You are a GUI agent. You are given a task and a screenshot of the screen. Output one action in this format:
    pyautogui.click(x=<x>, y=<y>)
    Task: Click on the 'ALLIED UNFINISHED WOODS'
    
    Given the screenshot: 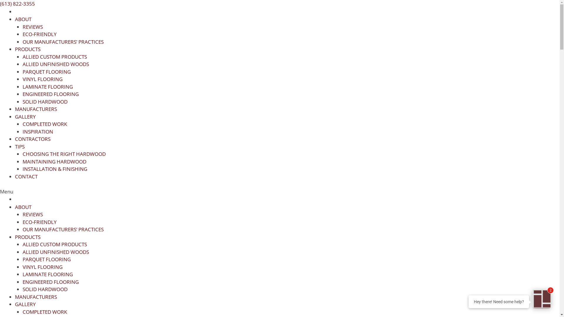 What is the action you would take?
    pyautogui.click(x=55, y=64)
    